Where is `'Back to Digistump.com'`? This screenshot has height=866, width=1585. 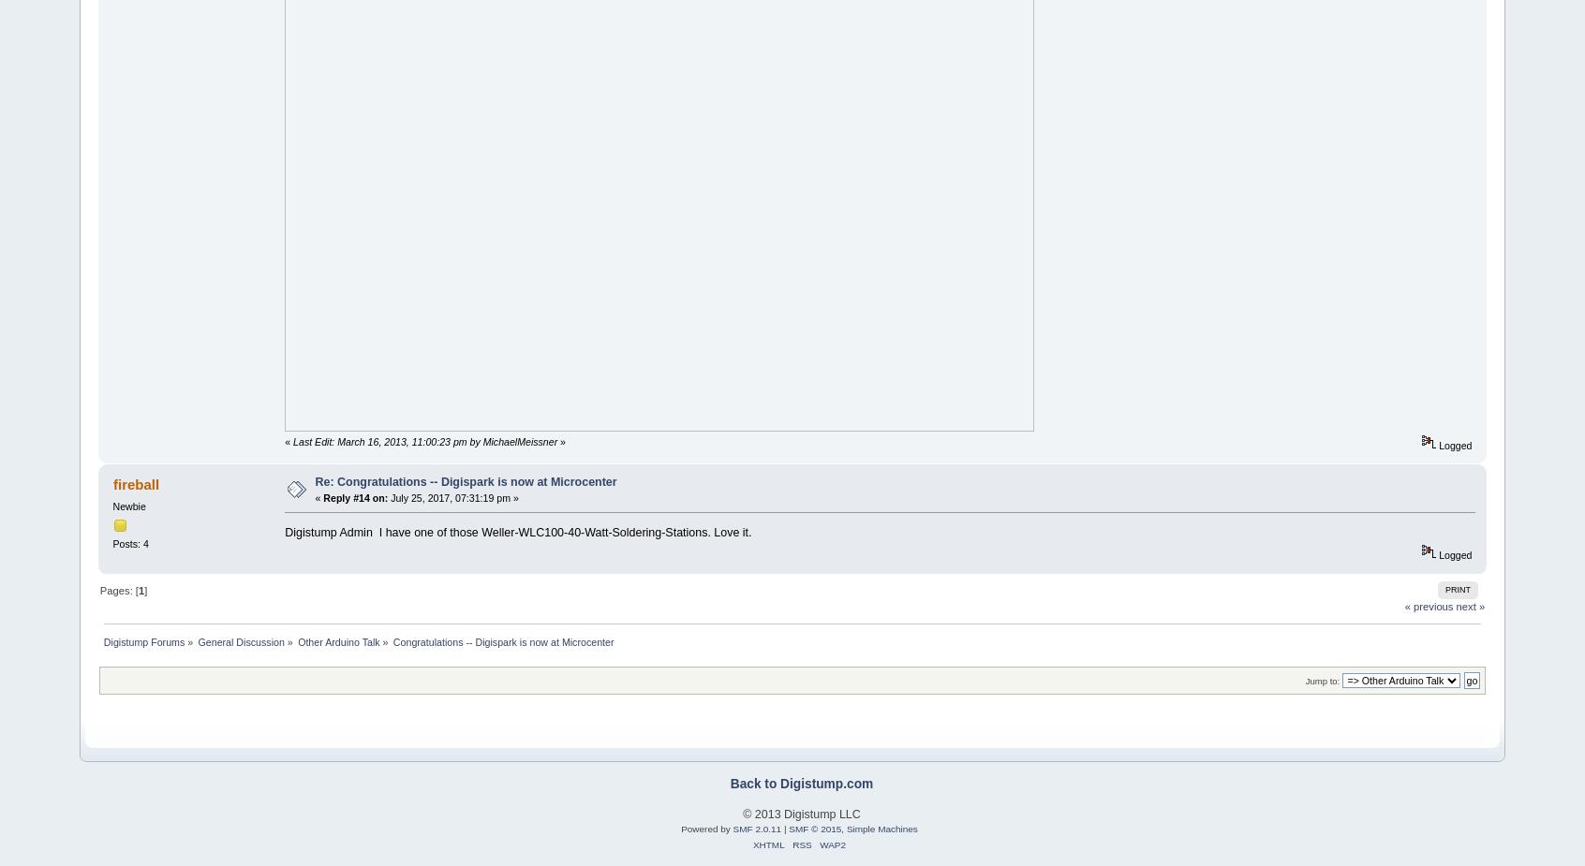 'Back to Digistump.com' is located at coordinates (800, 783).